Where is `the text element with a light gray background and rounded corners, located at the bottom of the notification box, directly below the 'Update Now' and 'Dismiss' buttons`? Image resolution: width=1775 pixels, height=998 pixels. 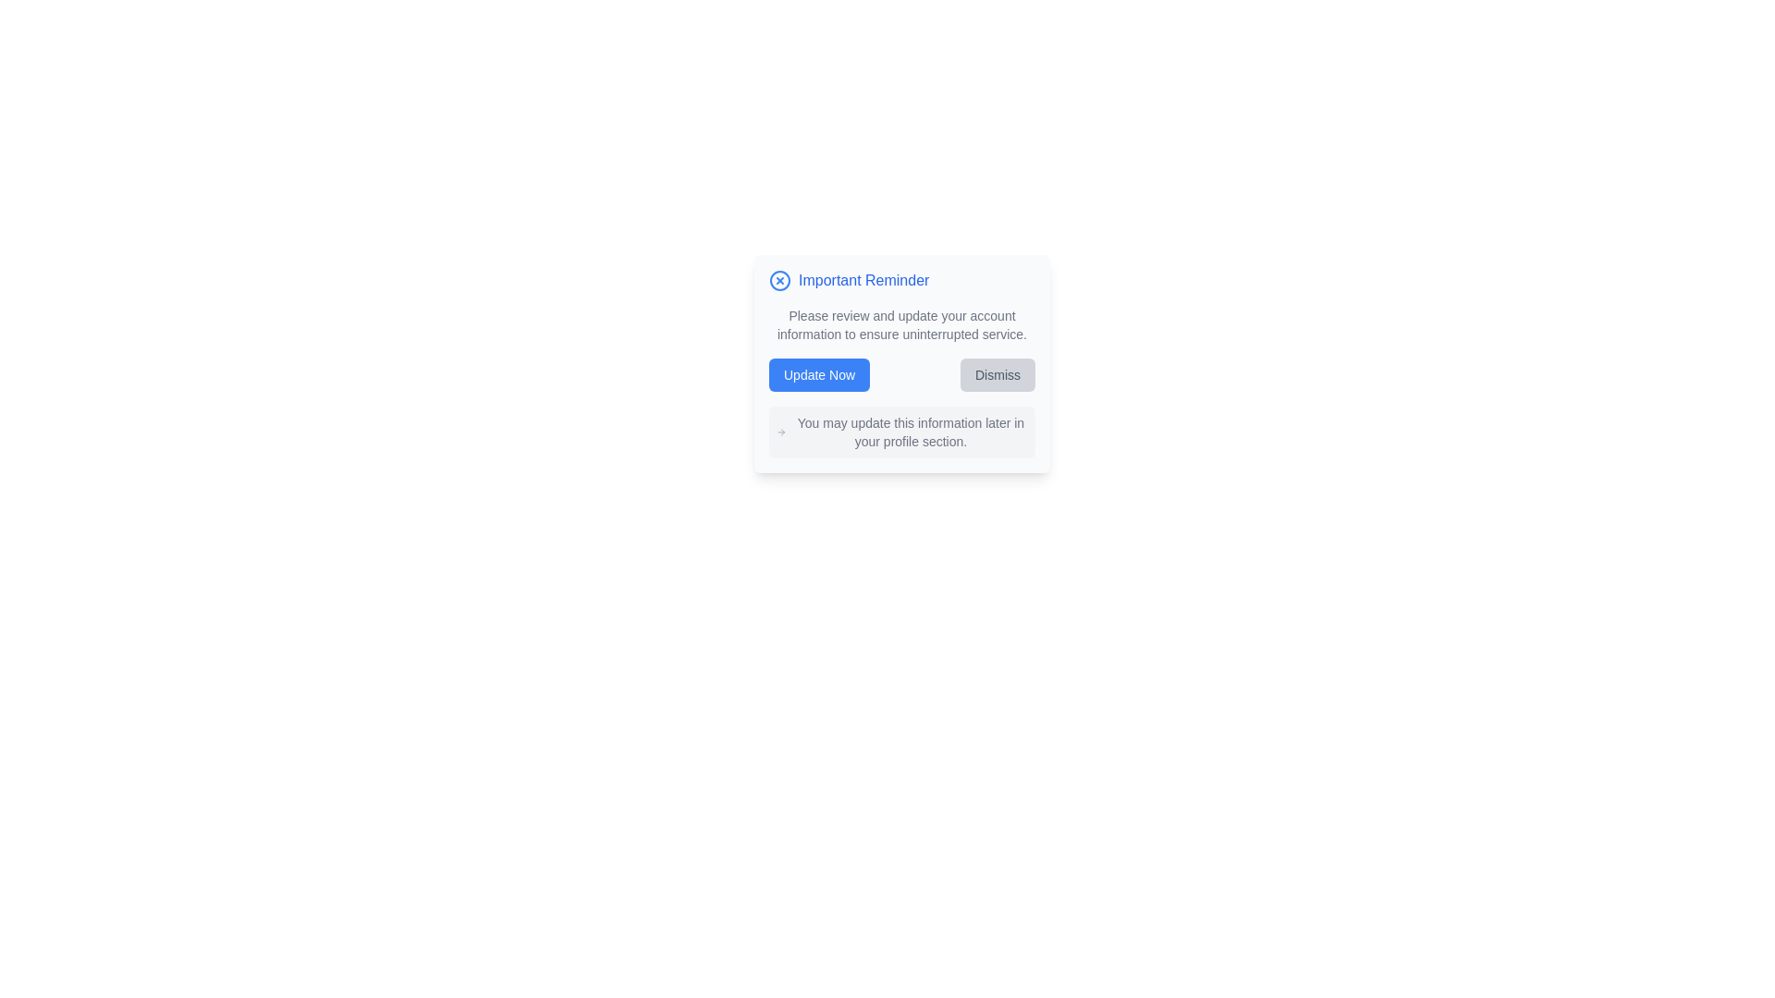
the text element with a light gray background and rounded corners, located at the bottom of the notification box, directly below the 'Update Now' and 'Dismiss' buttons is located at coordinates (901, 432).